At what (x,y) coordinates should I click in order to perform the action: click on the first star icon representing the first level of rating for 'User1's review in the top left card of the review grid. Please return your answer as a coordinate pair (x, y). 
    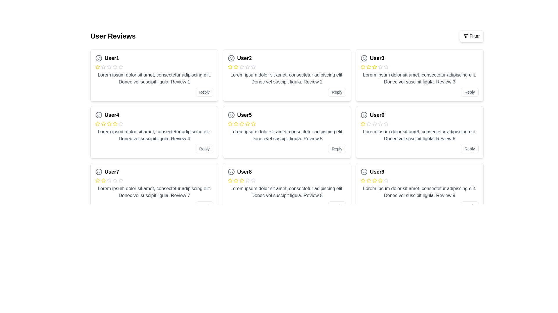
    Looking at the image, I should click on (98, 67).